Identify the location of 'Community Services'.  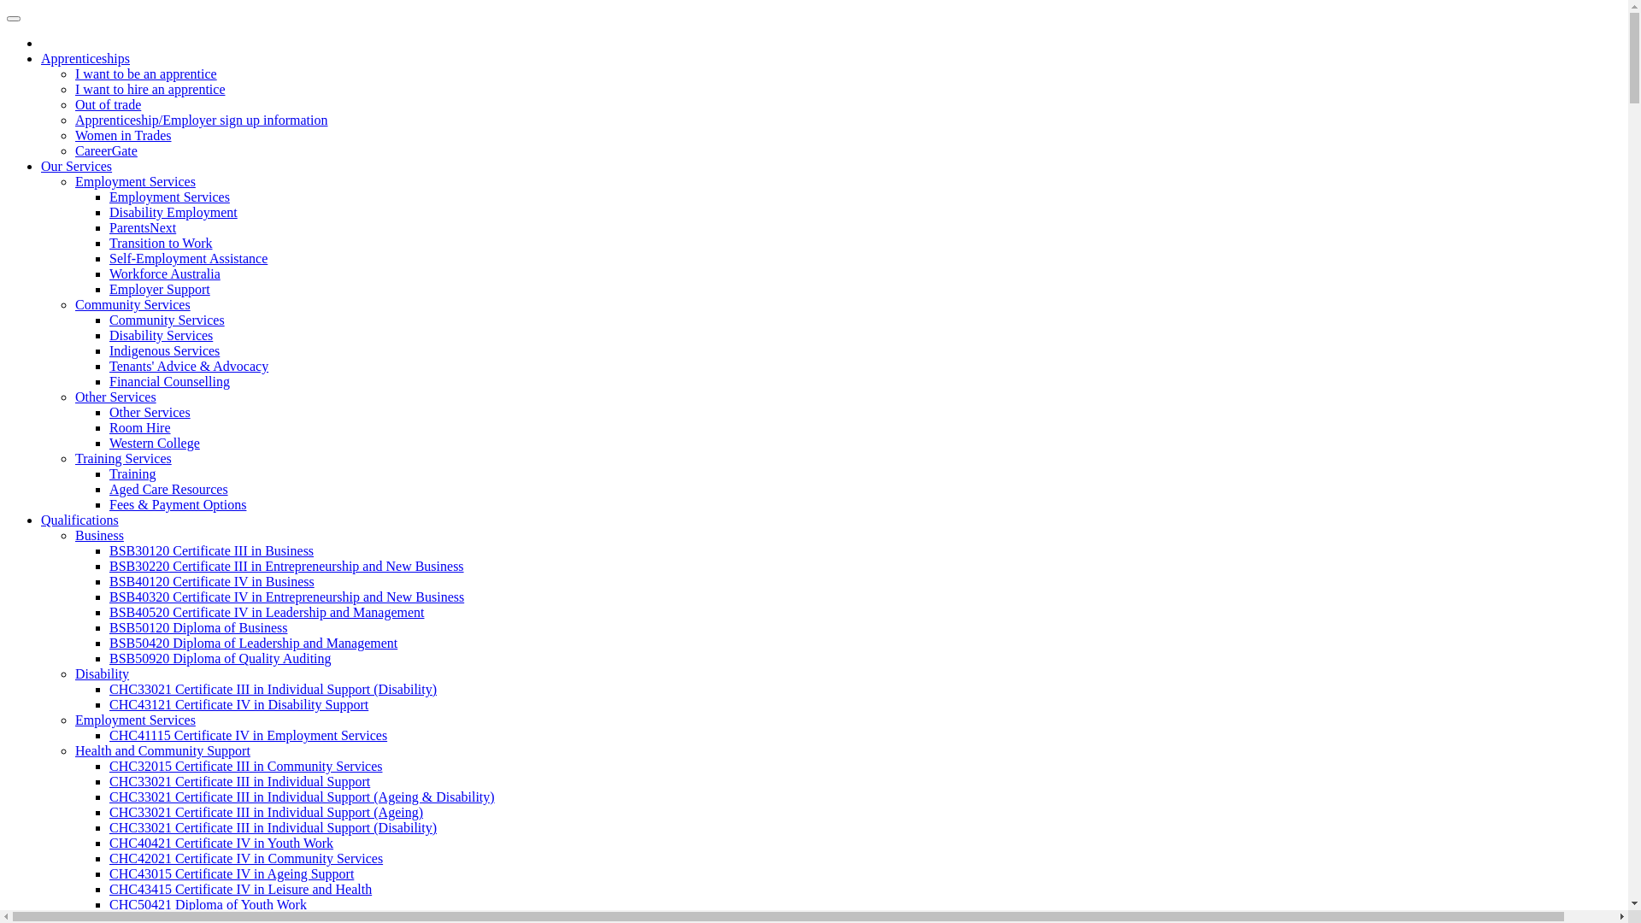
(132, 303).